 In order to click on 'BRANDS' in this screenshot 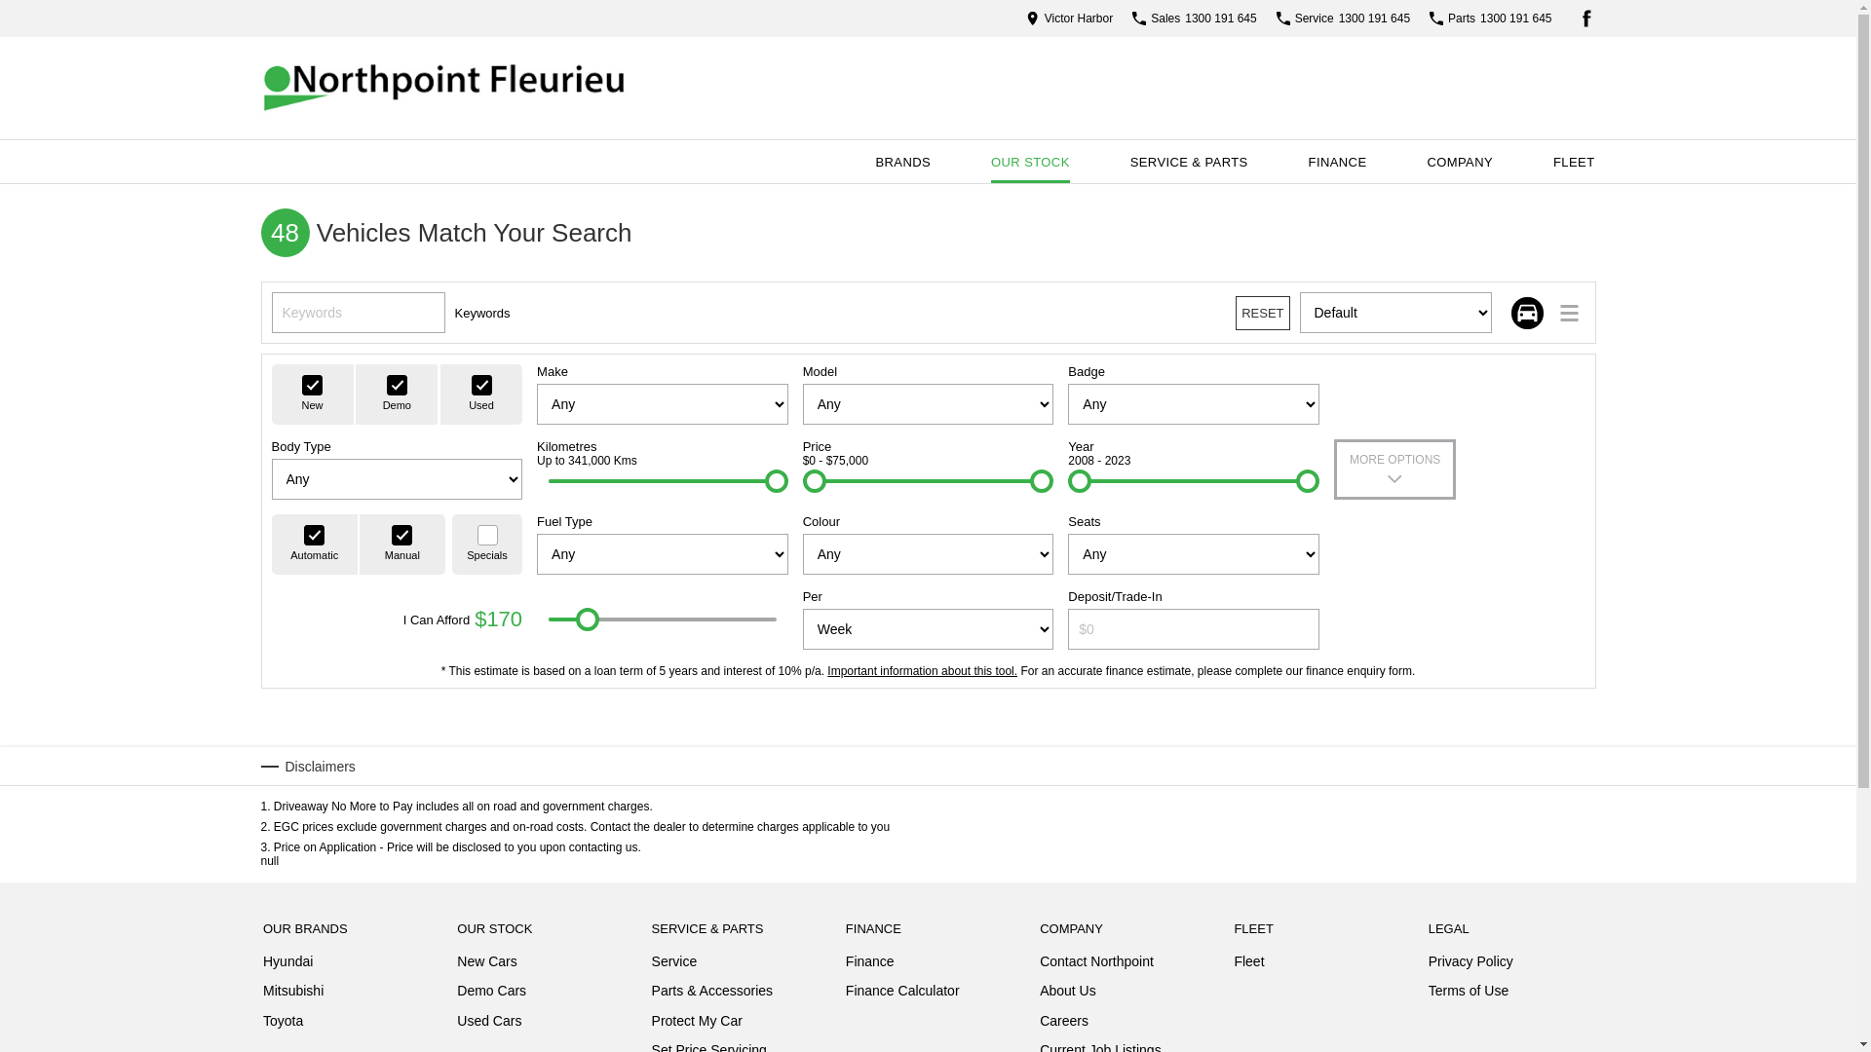, I will do `click(901, 160)`.